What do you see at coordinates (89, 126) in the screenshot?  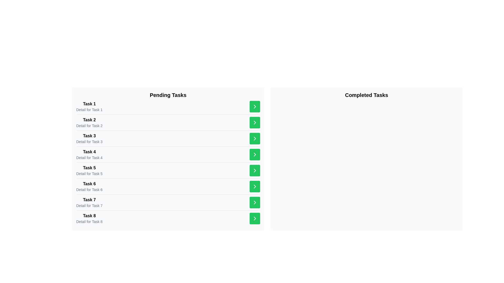 I see `the static text providing supporting information for 'Task 2', located directly below the 'Task 2' text in the 'Pending Tasks' column` at bounding box center [89, 126].